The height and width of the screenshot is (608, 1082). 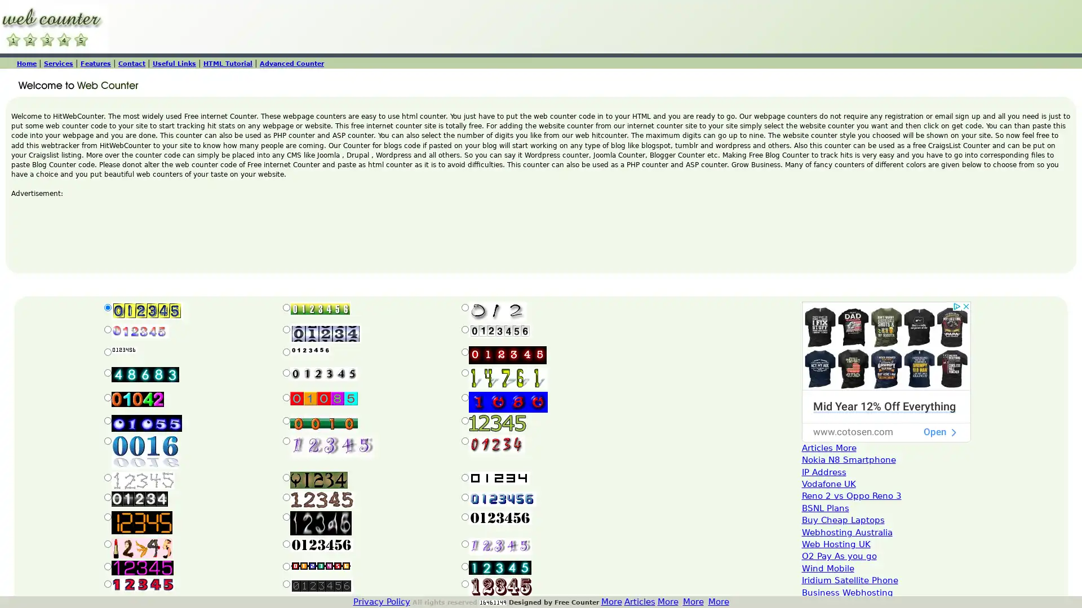 I want to click on Submit, so click(x=142, y=568).